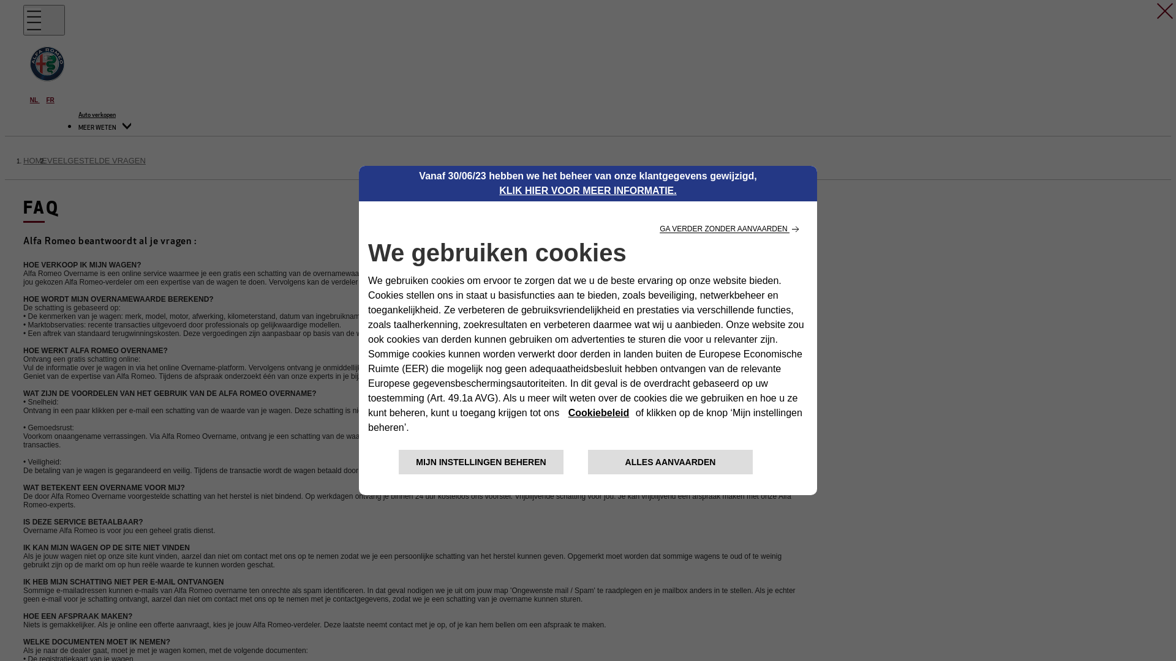  I want to click on 'FR', so click(50, 99).